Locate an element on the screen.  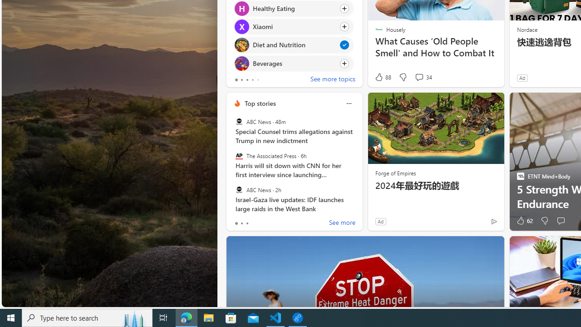
'tab-0' is located at coordinates (236, 223).